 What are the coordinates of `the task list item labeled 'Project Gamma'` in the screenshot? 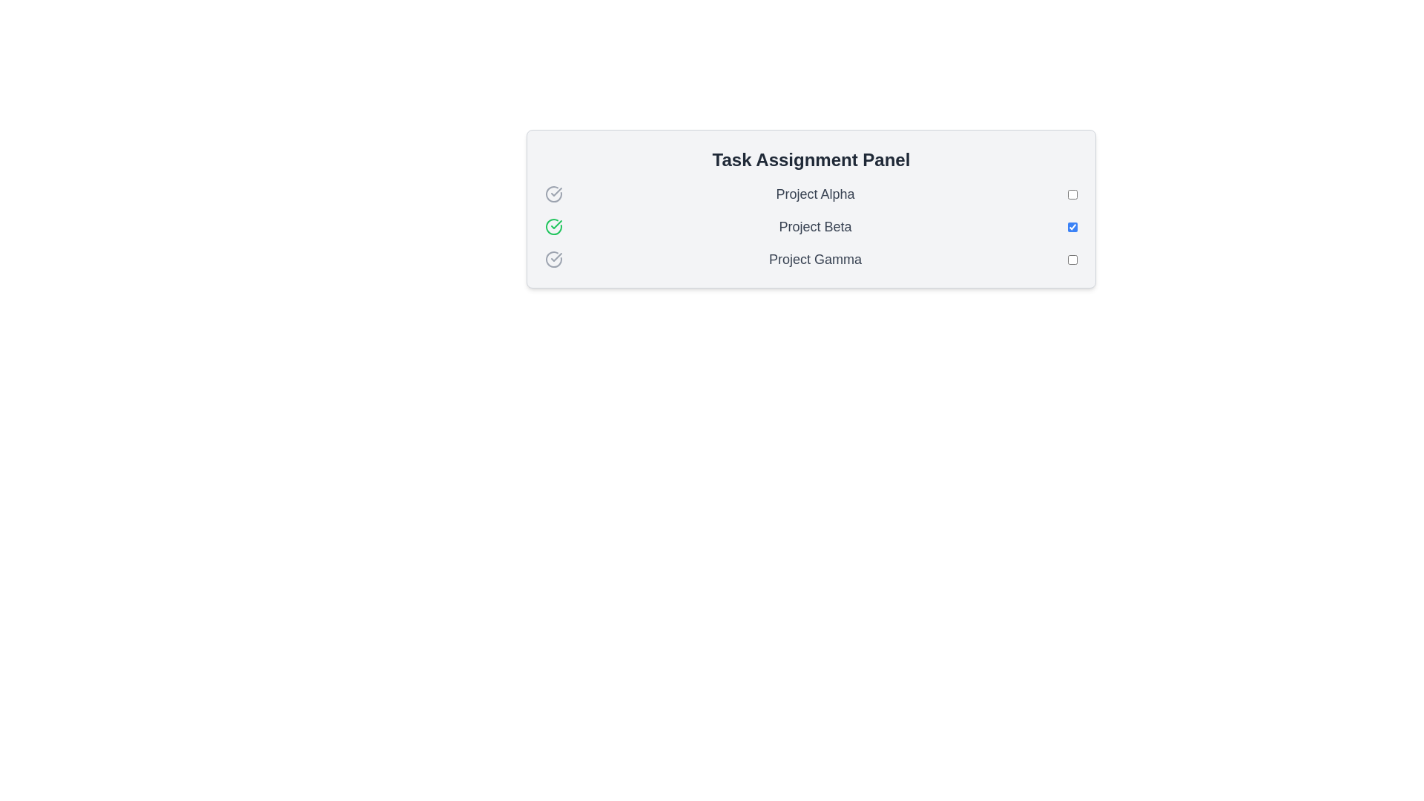 It's located at (811, 259).